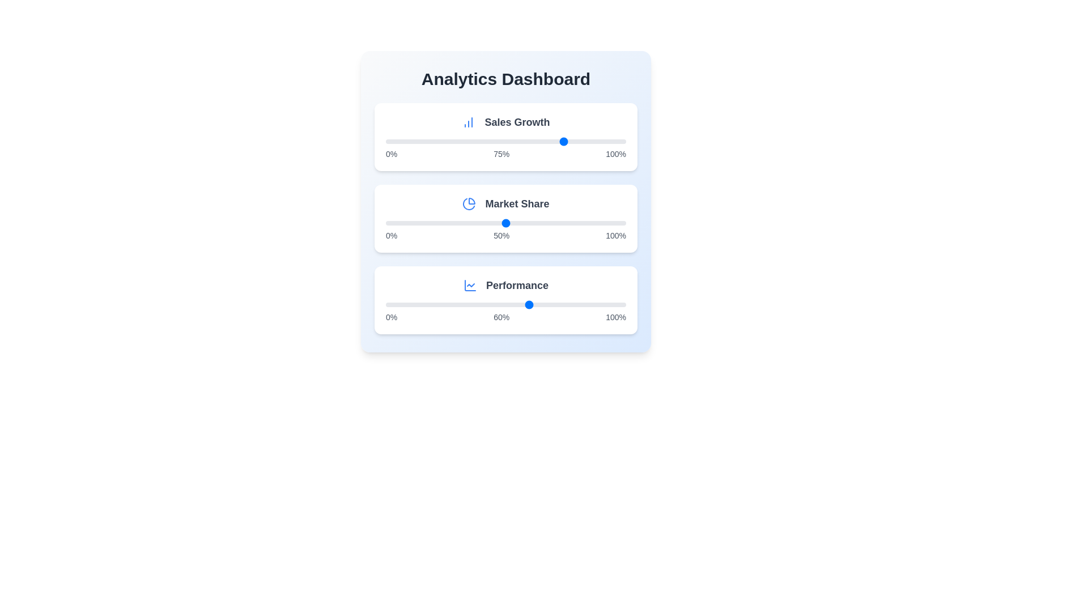 The height and width of the screenshot is (612, 1088). Describe the element at coordinates (578, 141) in the screenshot. I see `the 'Sales Growth' slider to 80%` at that location.